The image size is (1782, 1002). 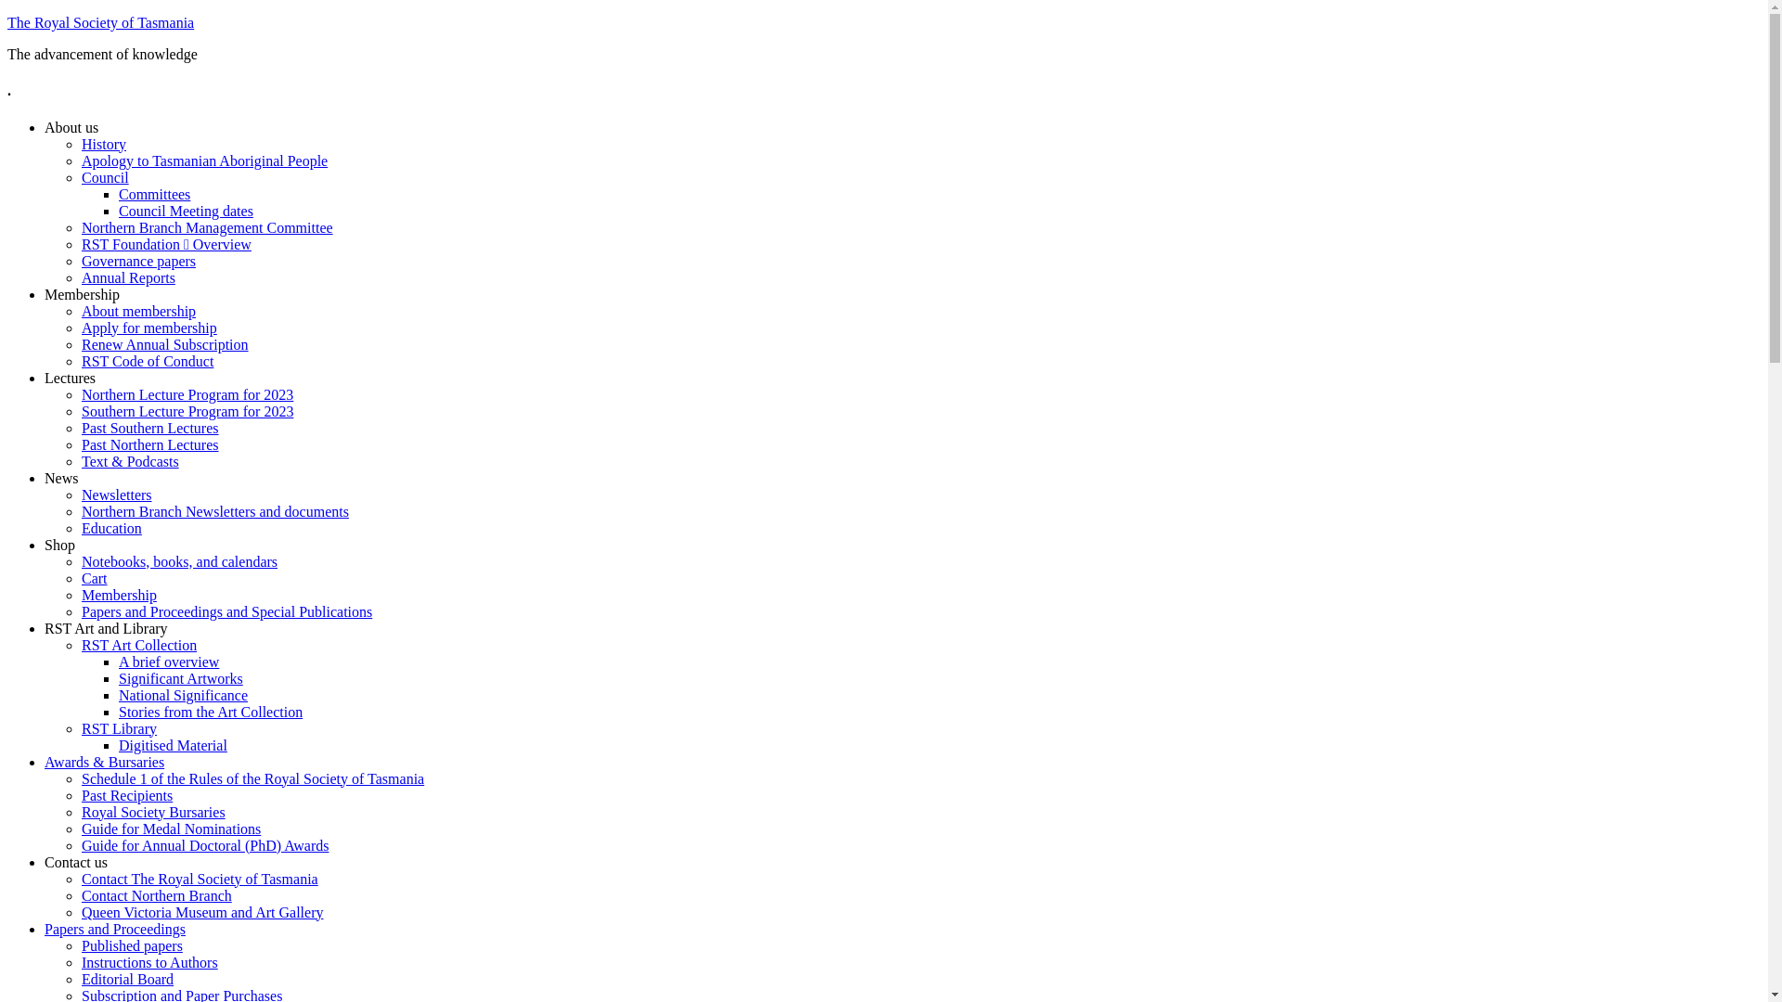 I want to click on 'Digitised Material', so click(x=173, y=744).